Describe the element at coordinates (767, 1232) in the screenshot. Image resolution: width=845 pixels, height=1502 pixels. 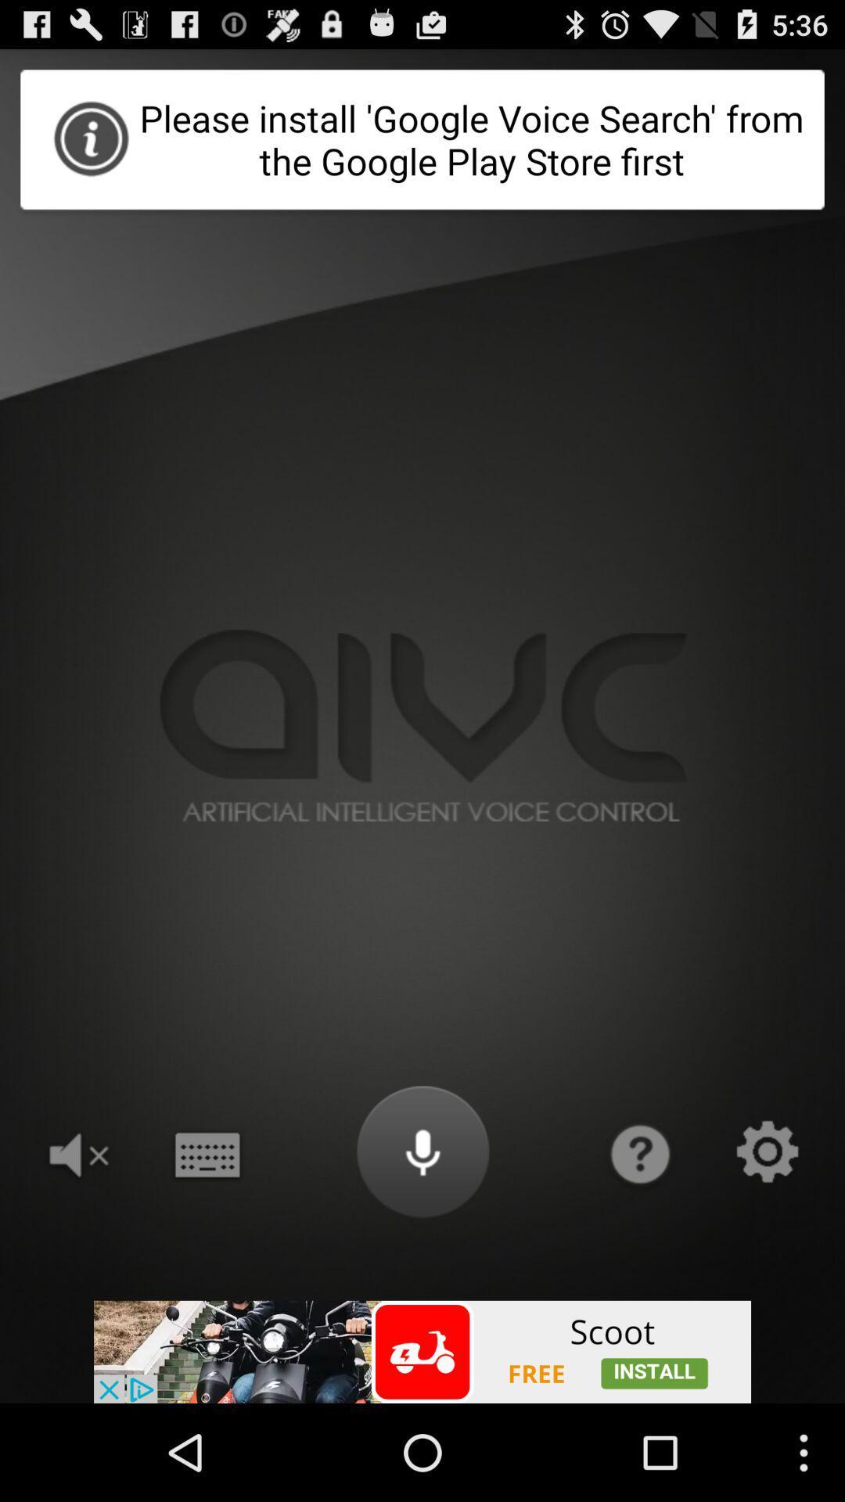
I see `the settings icon` at that location.